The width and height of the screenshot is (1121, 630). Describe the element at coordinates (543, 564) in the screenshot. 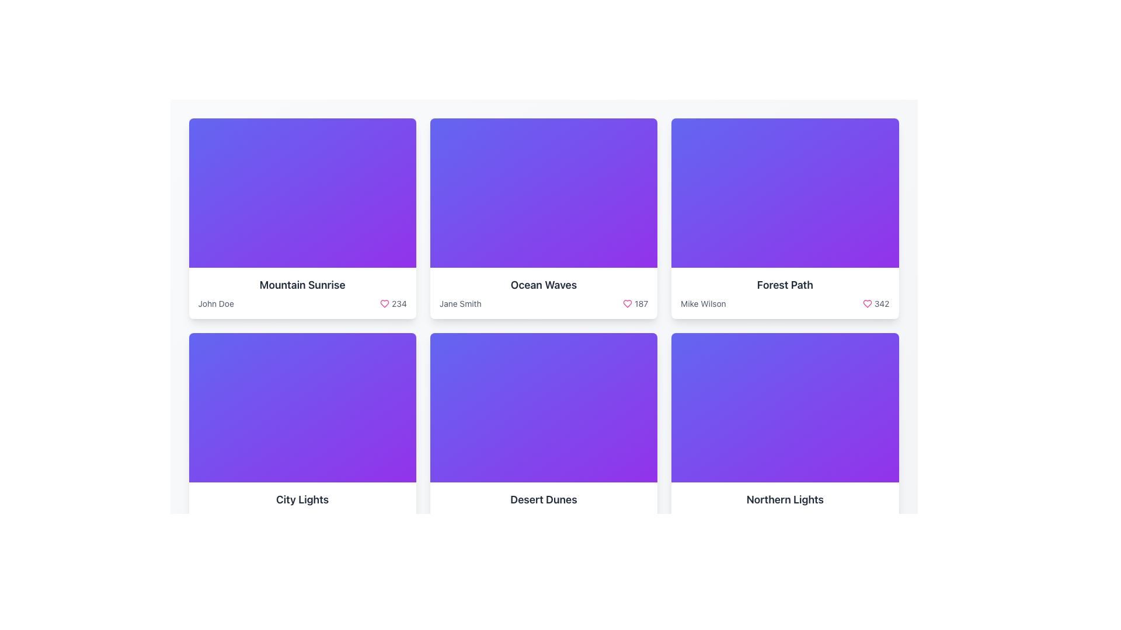

I see `the button on the Pagination control bar` at that location.